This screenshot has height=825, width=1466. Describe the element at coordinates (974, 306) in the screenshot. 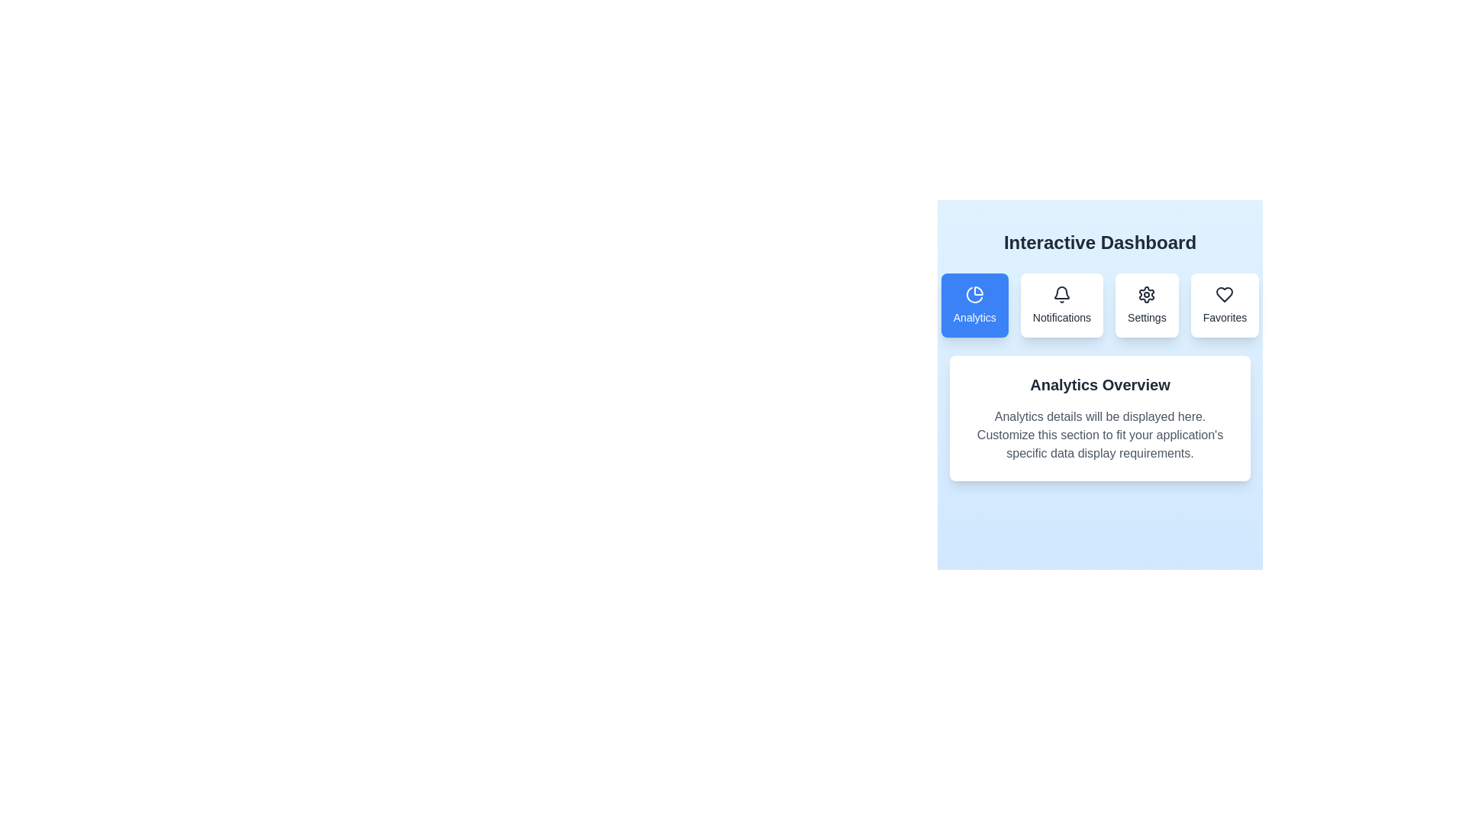

I see `the blue rounded button labeled 'Analytics'` at that location.